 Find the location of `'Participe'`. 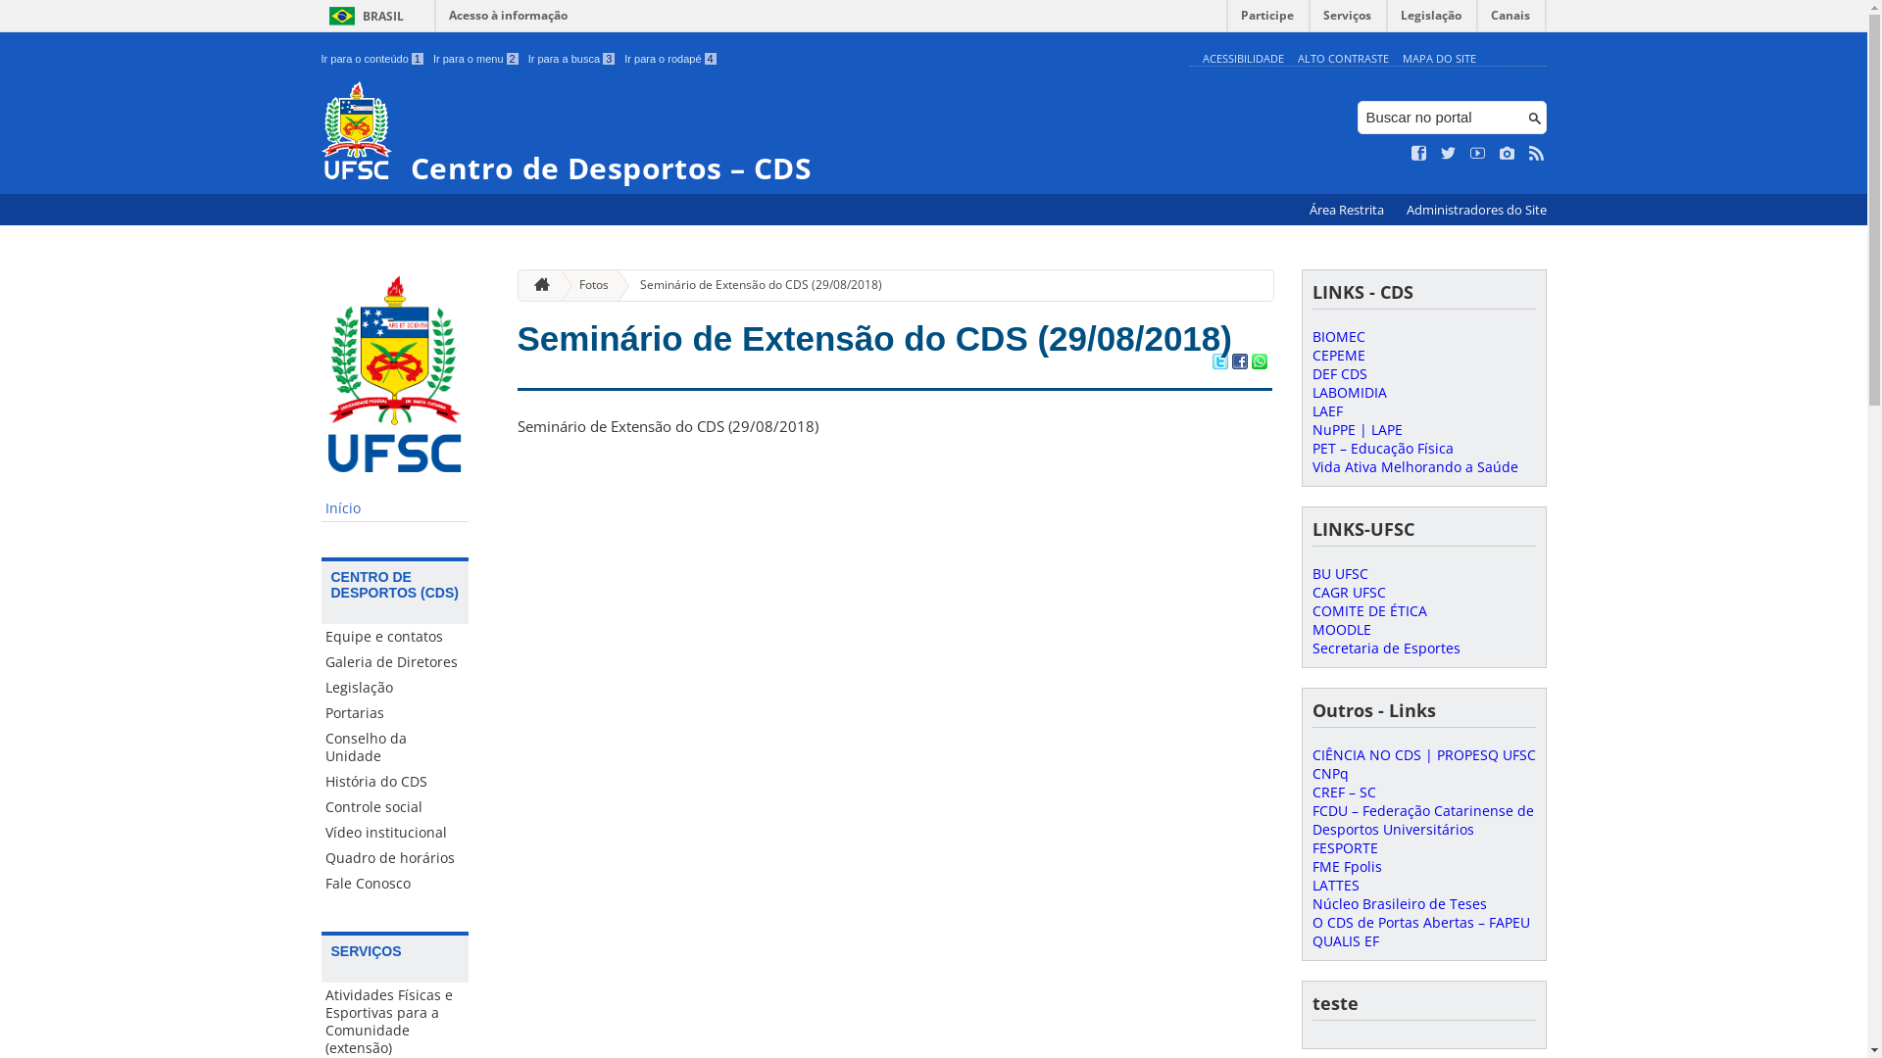

'Participe' is located at coordinates (1266, 20).